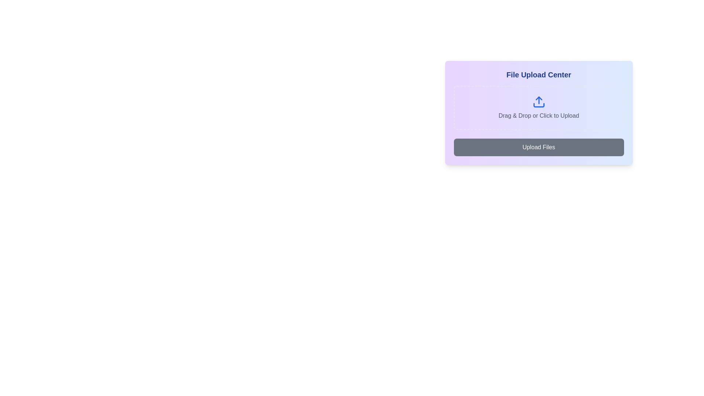 The image size is (704, 396). Describe the element at coordinates (539, 102) in the screenshot. I see `the upload icon, which is a blue graphical icon with an upward arrow inside a dashed area of the 'Drag & Drop or Click to Upload' box` at that location.